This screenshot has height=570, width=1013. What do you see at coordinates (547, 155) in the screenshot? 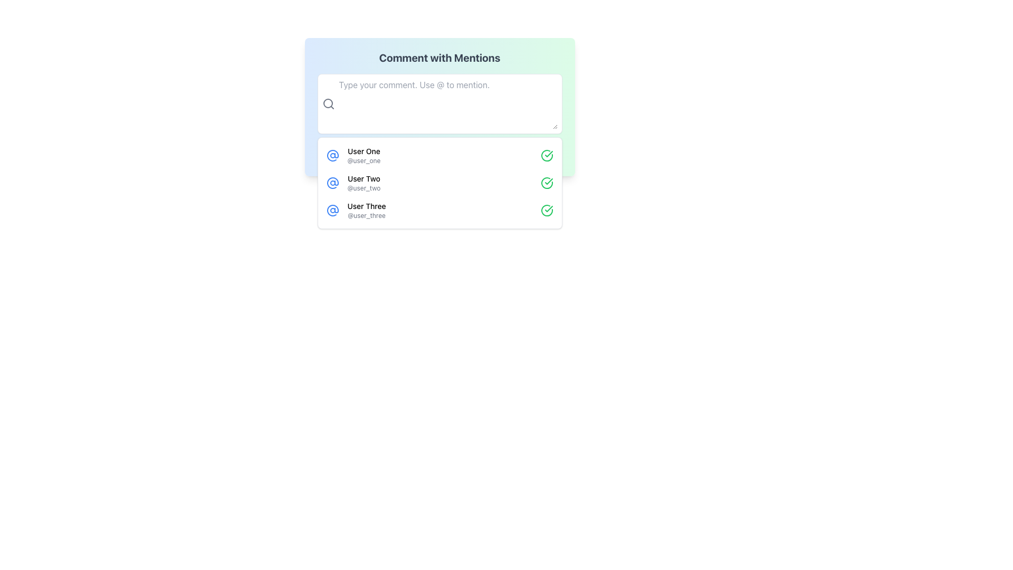
I see `the verification icon located to the far right of the first user entry, adjacent to the username and identifier text, to indicate successful selection` at bounding box center [547, 155].